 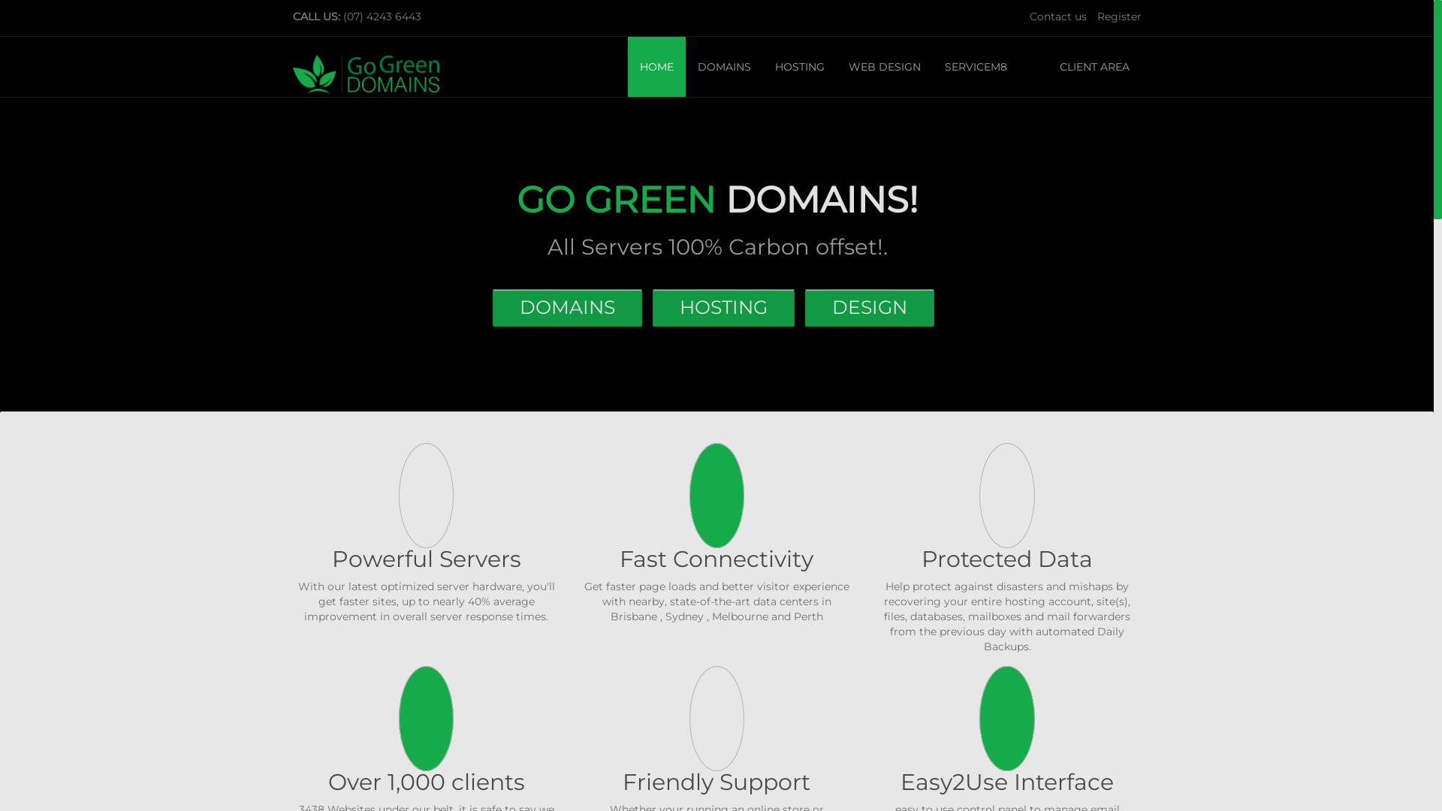 I want to click on '  CLIENT AREA', so click(x=1091, y=65).